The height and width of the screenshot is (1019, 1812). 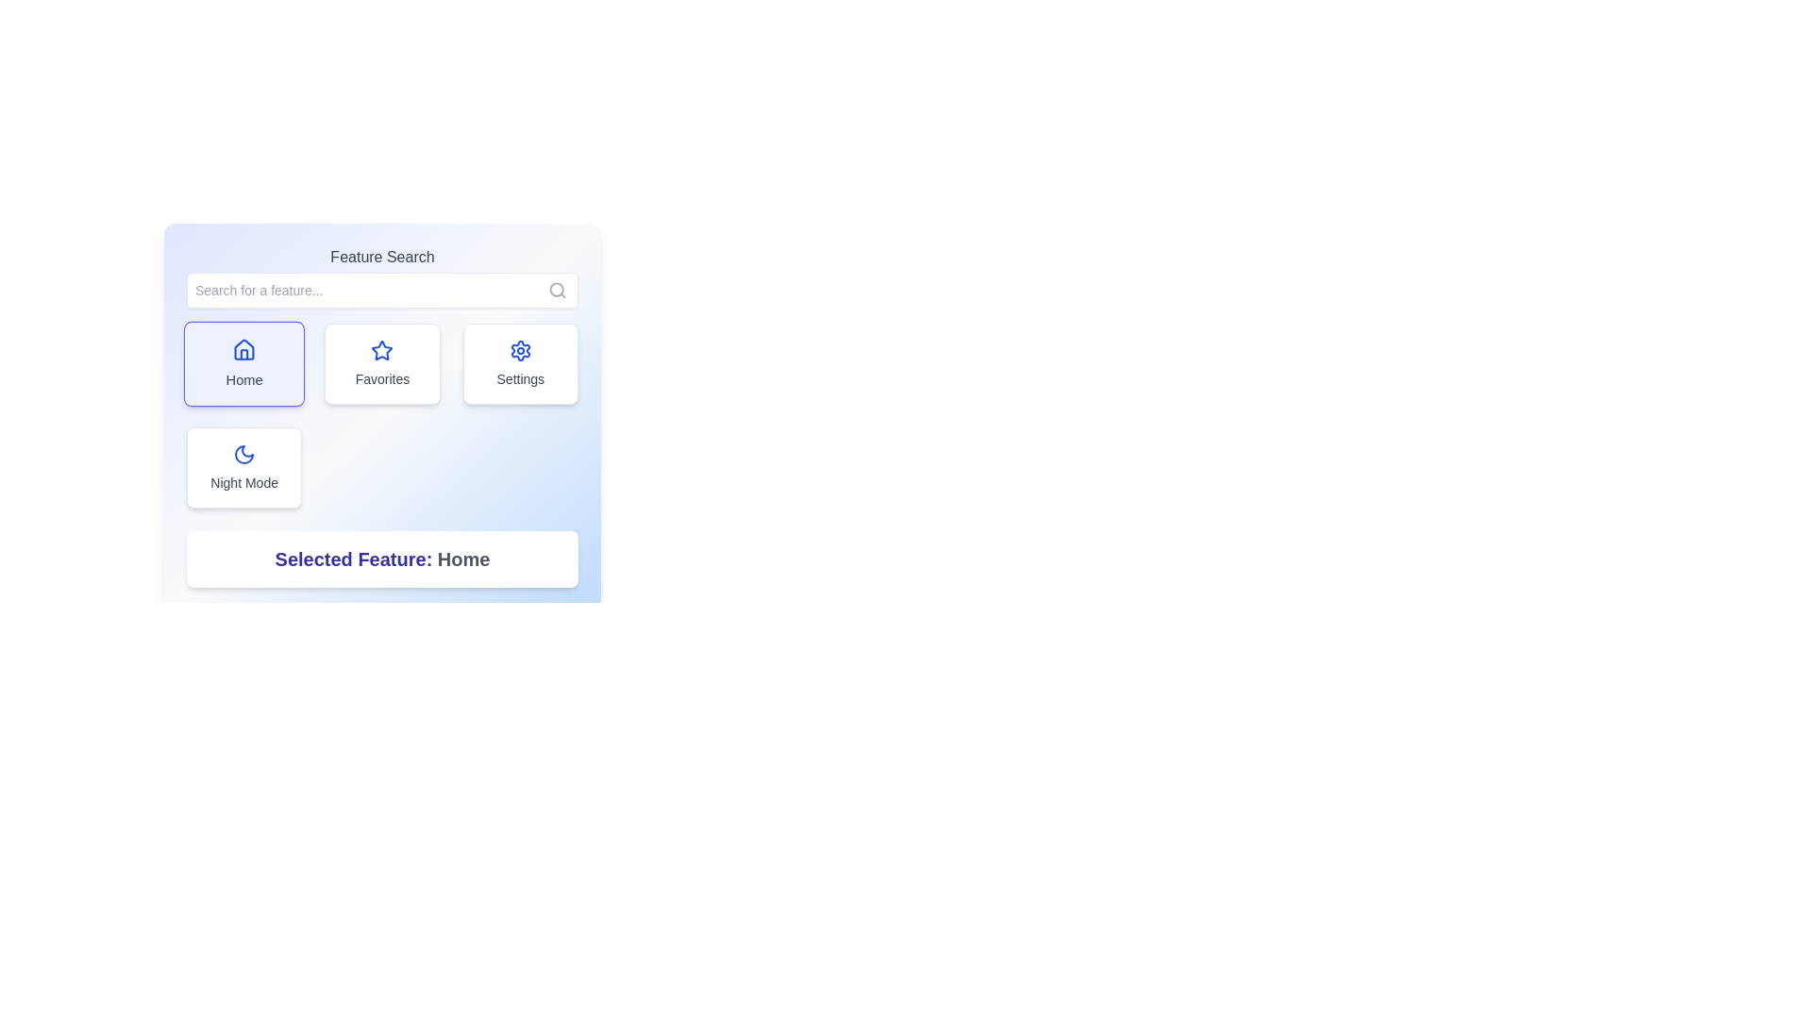 What do you see at coordinates (520, 378) in the screenshot?
I see `the 'Settings' text label located directly below the gear icon in the 'Settings' card in the top right corner of the interface` at bounding box center [520, 378].